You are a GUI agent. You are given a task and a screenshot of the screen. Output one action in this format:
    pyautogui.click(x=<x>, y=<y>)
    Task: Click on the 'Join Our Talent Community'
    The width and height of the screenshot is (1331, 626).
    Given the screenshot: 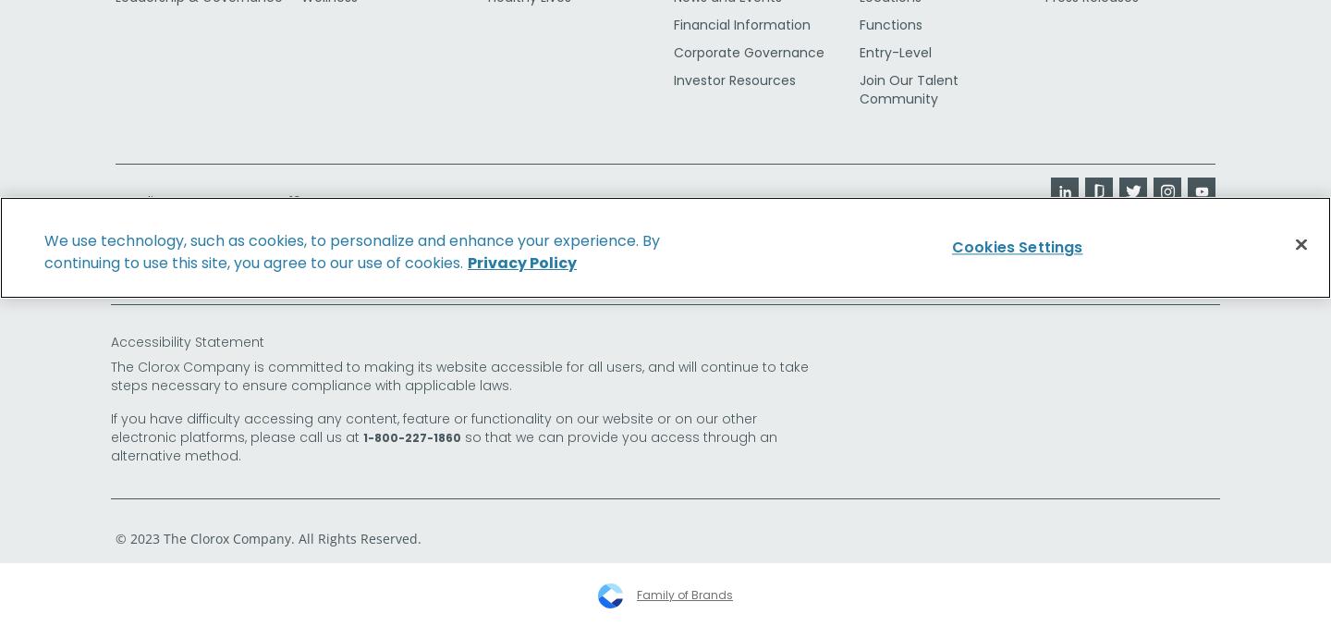 What is the action you would take?
    pyautogui.click(x=908, y=90)
    